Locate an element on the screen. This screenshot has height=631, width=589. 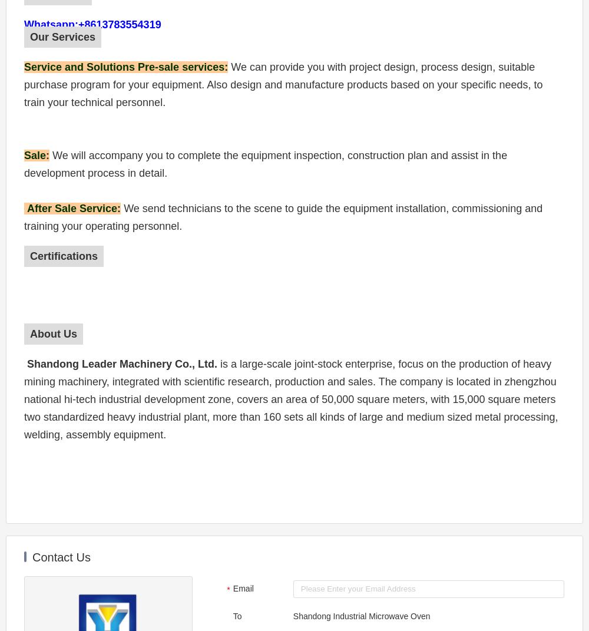
'Sale' is located at coordinates (35, 156).